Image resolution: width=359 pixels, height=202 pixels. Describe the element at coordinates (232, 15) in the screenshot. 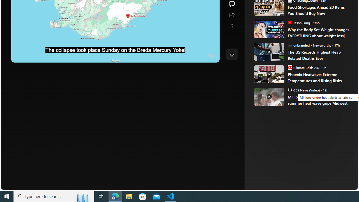

I see `'Share this story'` at that location.